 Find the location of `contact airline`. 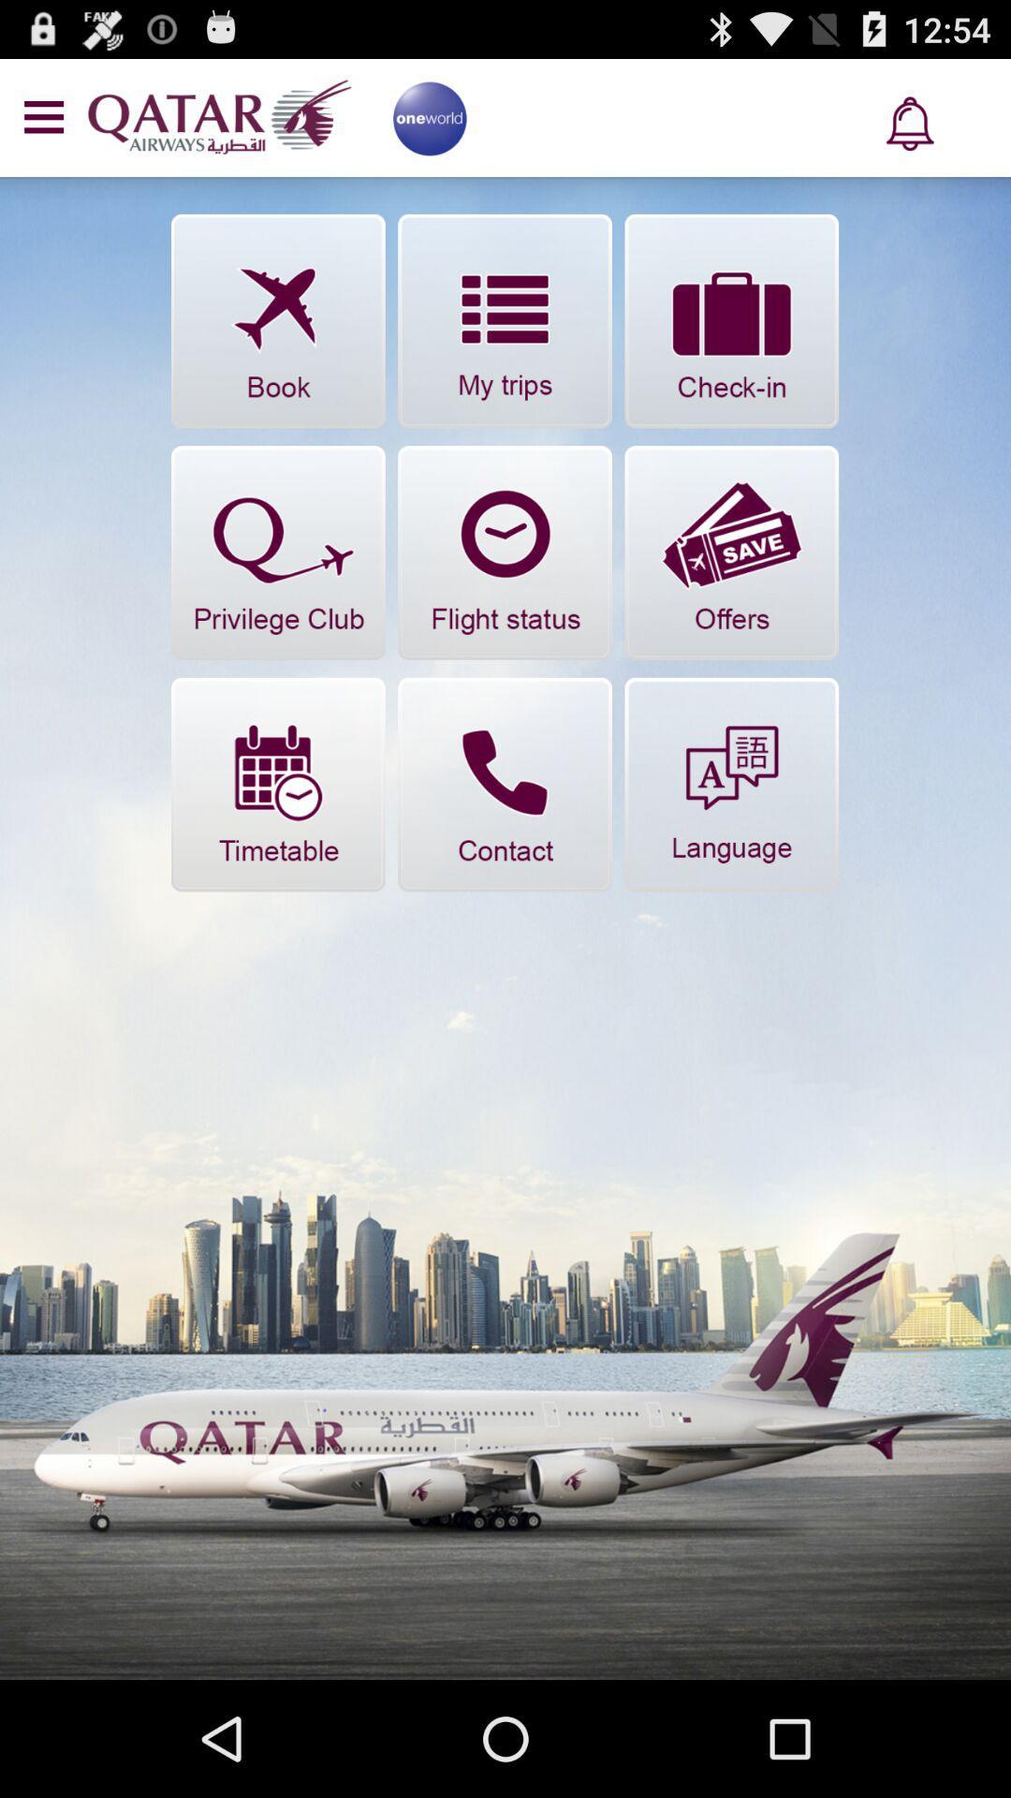

contact airline is located at coordinates (504, 785).